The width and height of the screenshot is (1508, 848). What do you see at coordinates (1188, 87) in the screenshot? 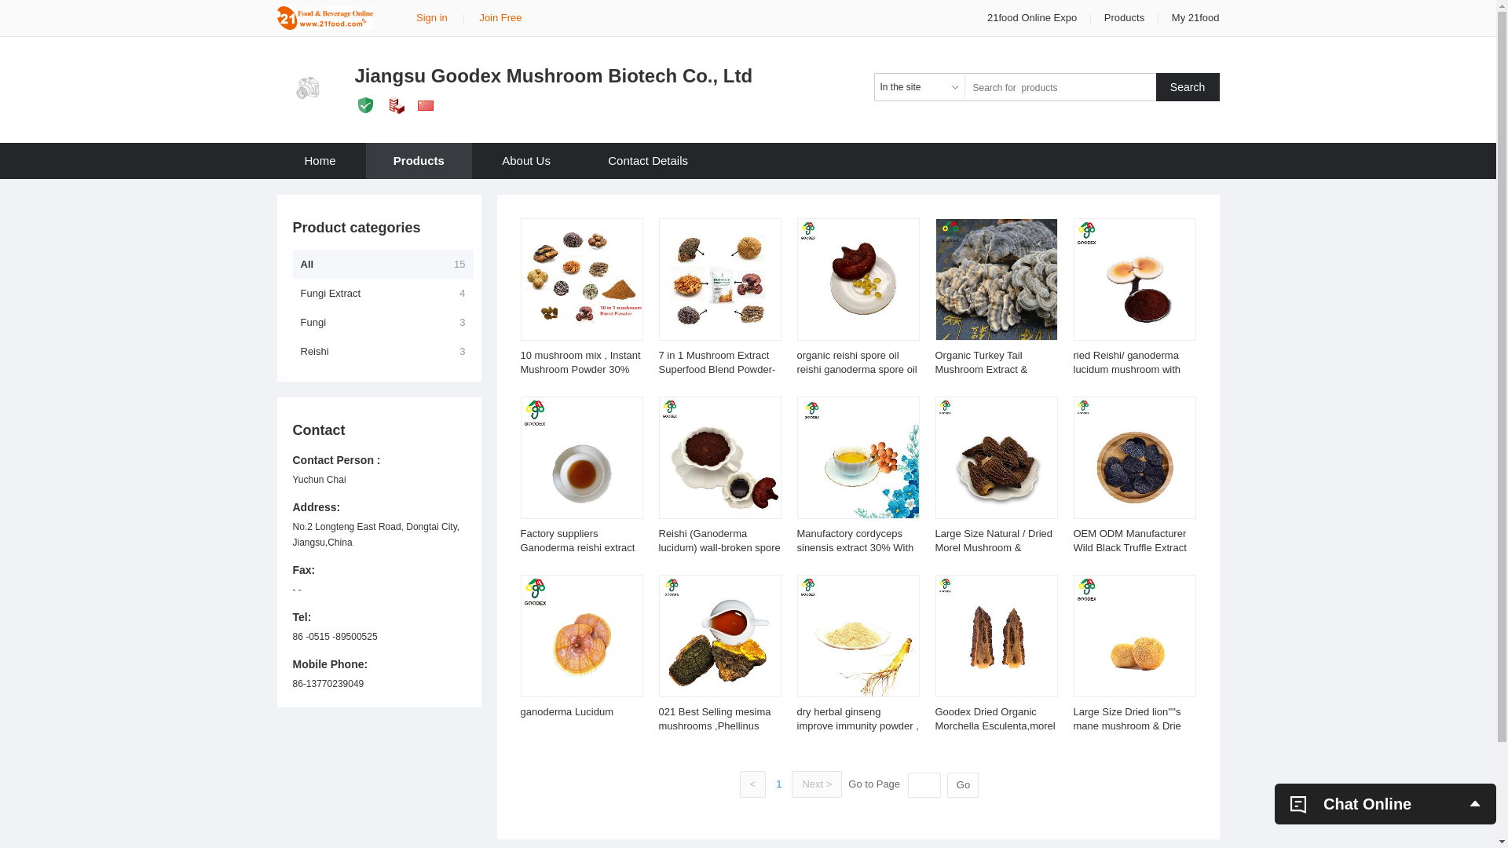
I see `'Search'` at bounding box center [1188, 87].